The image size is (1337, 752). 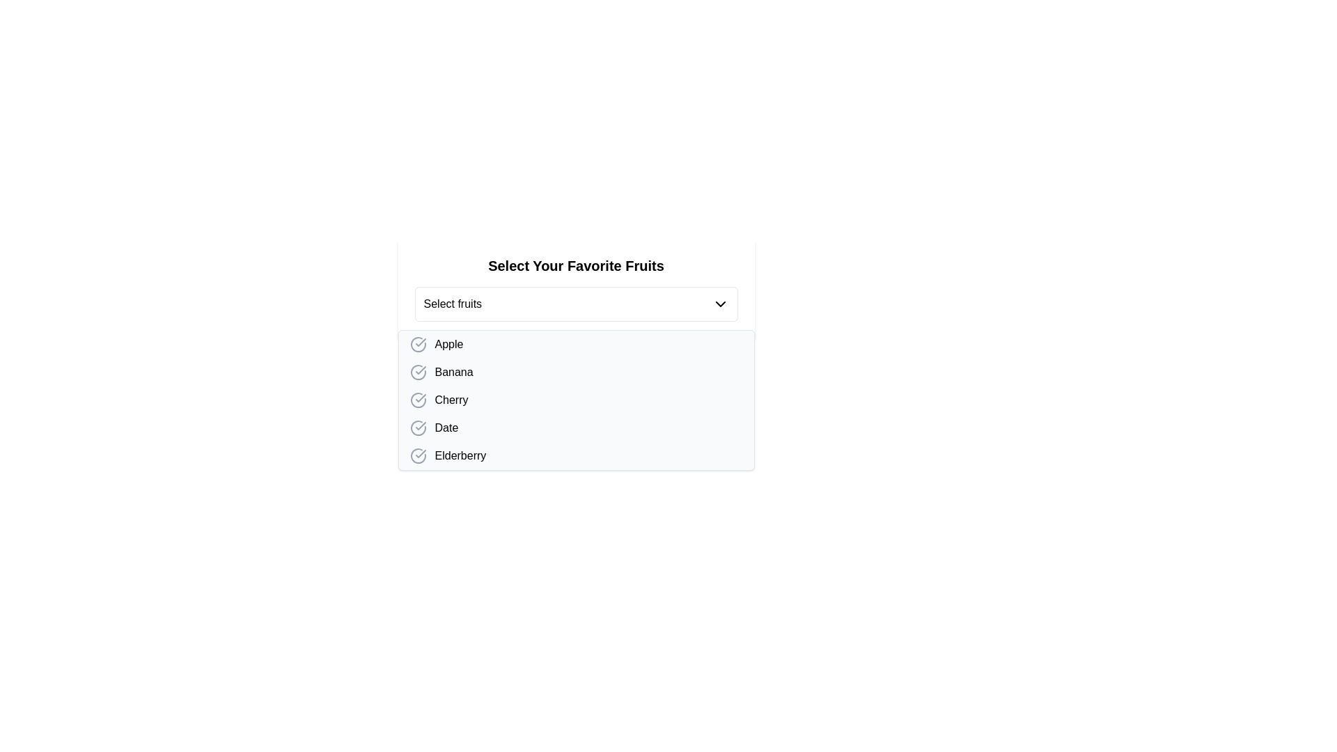 I want to click on the Check icon that represents the option 'Cherry', which is a tick mark within a circular frame, positioned to the left of the text label in the list of fruits, so click(x=420, y=398).